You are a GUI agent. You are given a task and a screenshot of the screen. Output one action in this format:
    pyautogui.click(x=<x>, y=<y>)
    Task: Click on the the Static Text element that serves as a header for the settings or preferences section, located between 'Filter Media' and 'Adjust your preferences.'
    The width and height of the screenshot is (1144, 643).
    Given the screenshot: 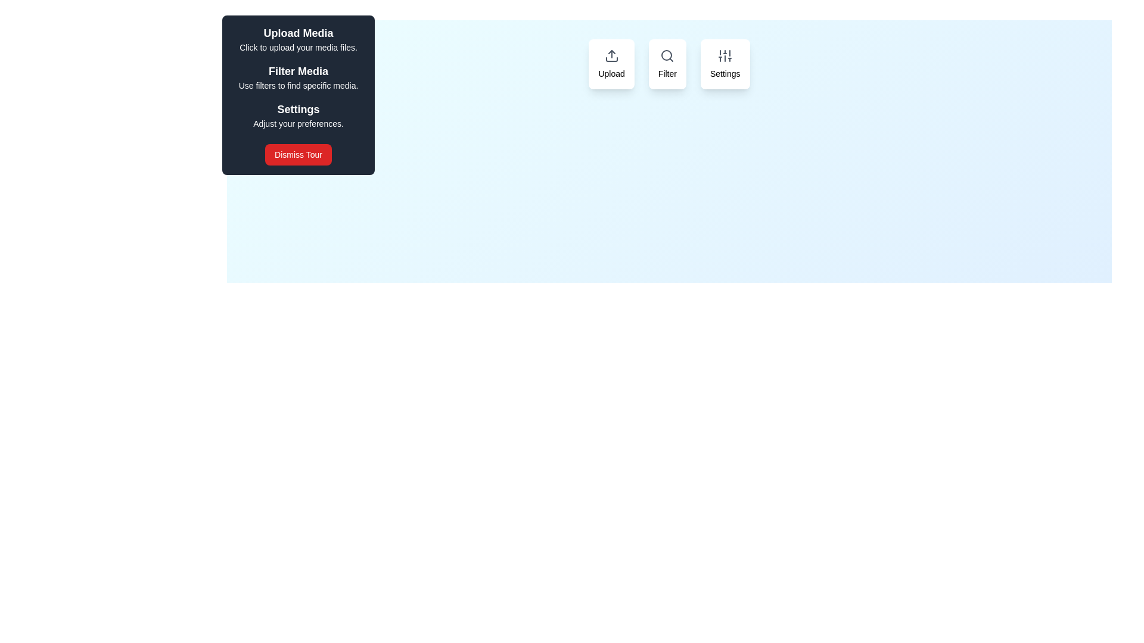 What is the action you would take?
    pyautogui.click(x=298, y=110)
    